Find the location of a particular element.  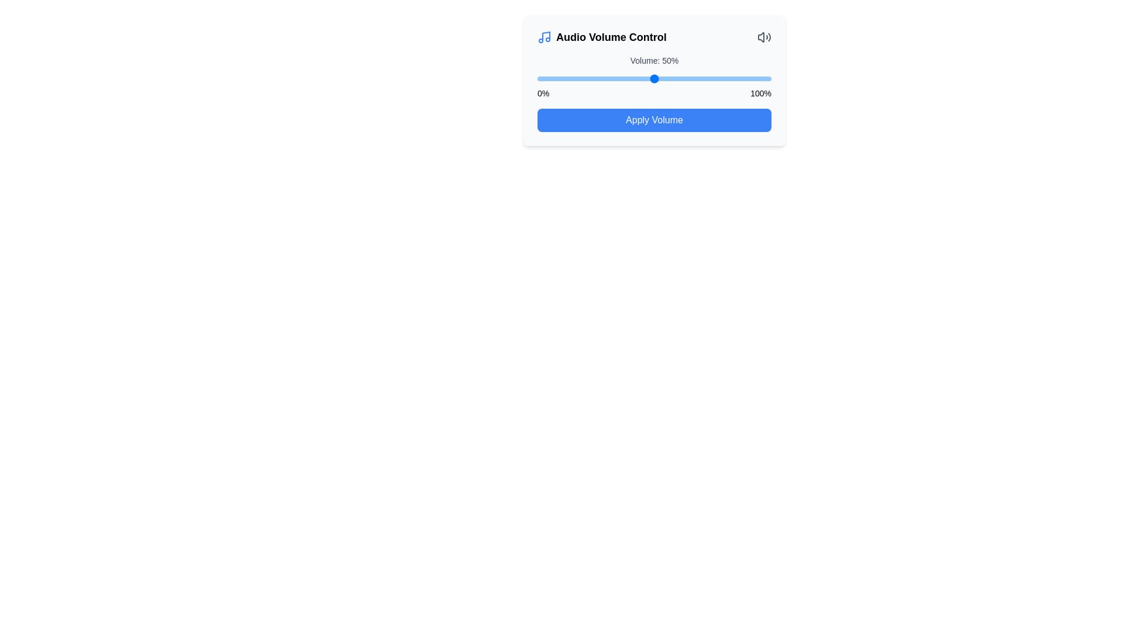

the volume control slider, which is visually represented with a label 'Volume: 50%' and a blue marker at the 50% position is located at coordinates (653, 77).